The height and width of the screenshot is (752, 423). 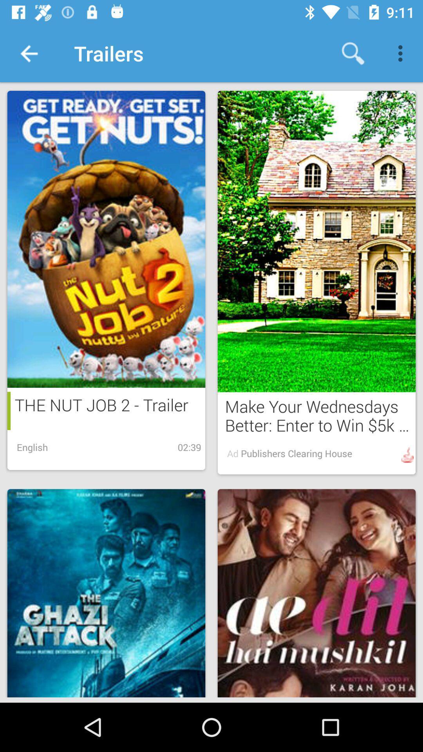 I want to click on icon next to the trailers  app, so click(x=353, y=53).